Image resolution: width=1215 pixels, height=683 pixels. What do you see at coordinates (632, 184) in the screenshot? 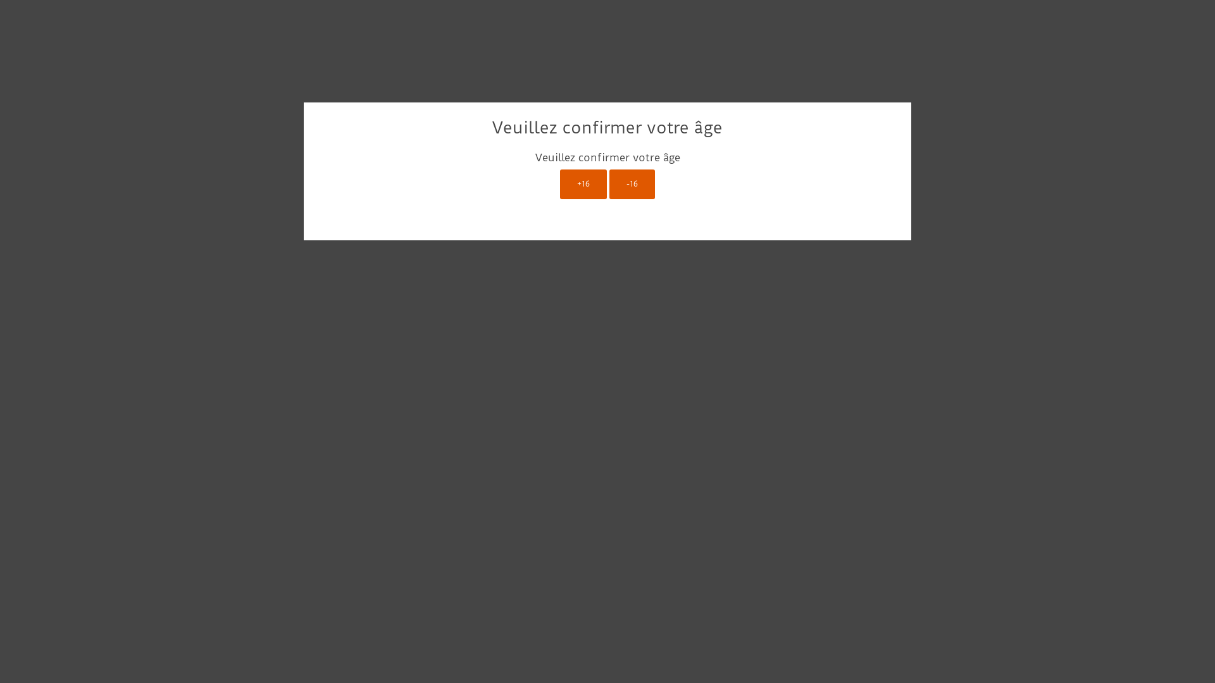
I see `'-16'` at bounding box center [632, 184].